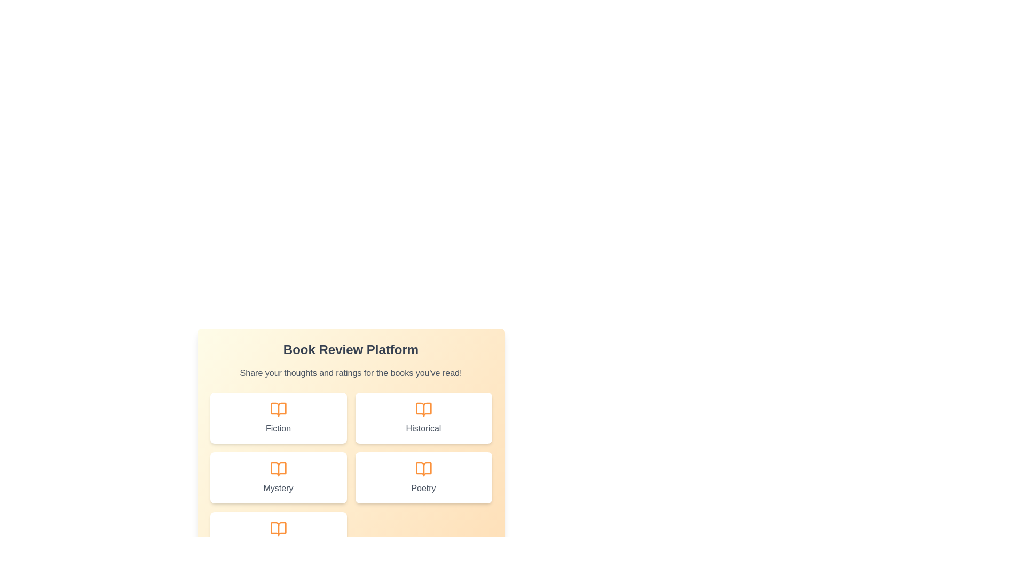 The height and width of the screenshot is (576, 1025). Describe the element at coordinates (278, 477) in the screenshot. I see `the third card in the grid layout, which represents the 'Mystery' category` at that location.